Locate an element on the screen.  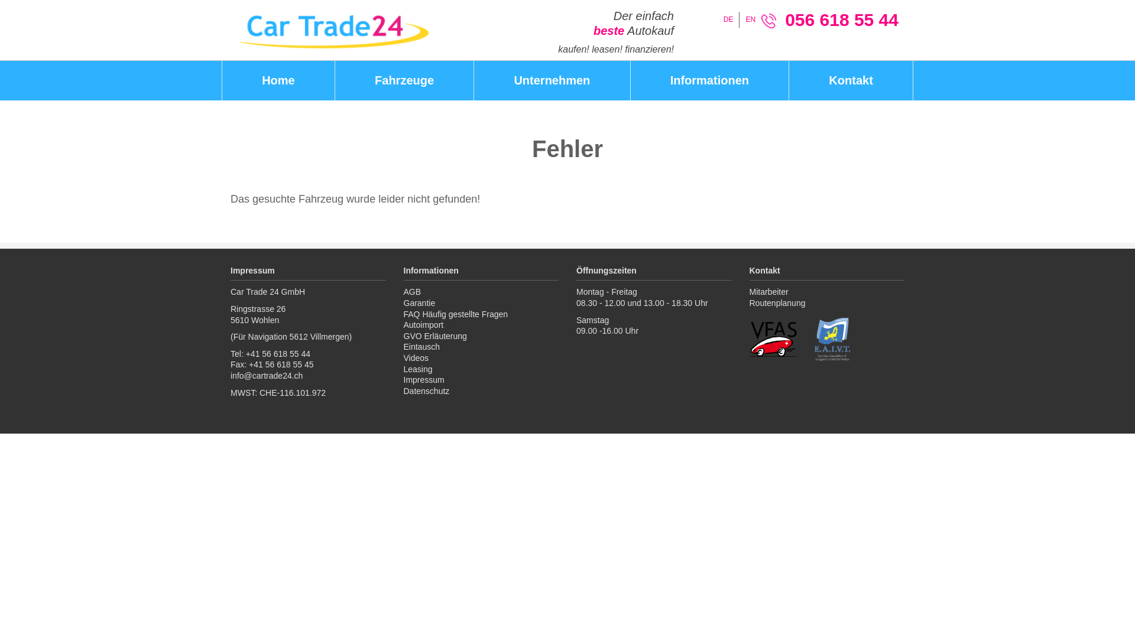
'Fahrzeuge' is located at coordinates (334, 80).